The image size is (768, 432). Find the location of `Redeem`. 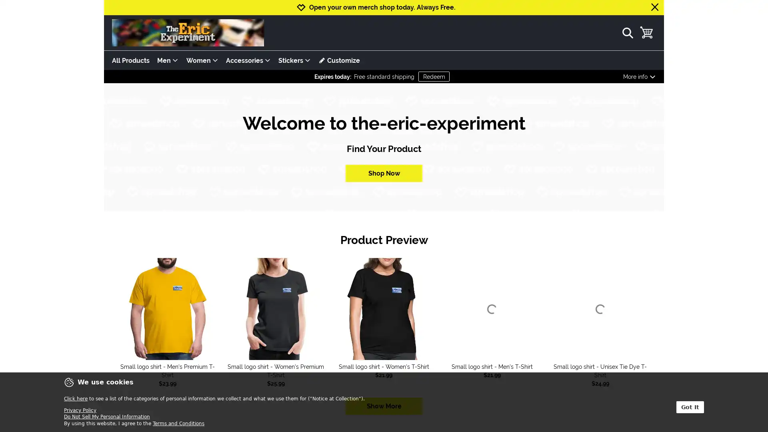

Redeem is located at coordinates (433, 76).